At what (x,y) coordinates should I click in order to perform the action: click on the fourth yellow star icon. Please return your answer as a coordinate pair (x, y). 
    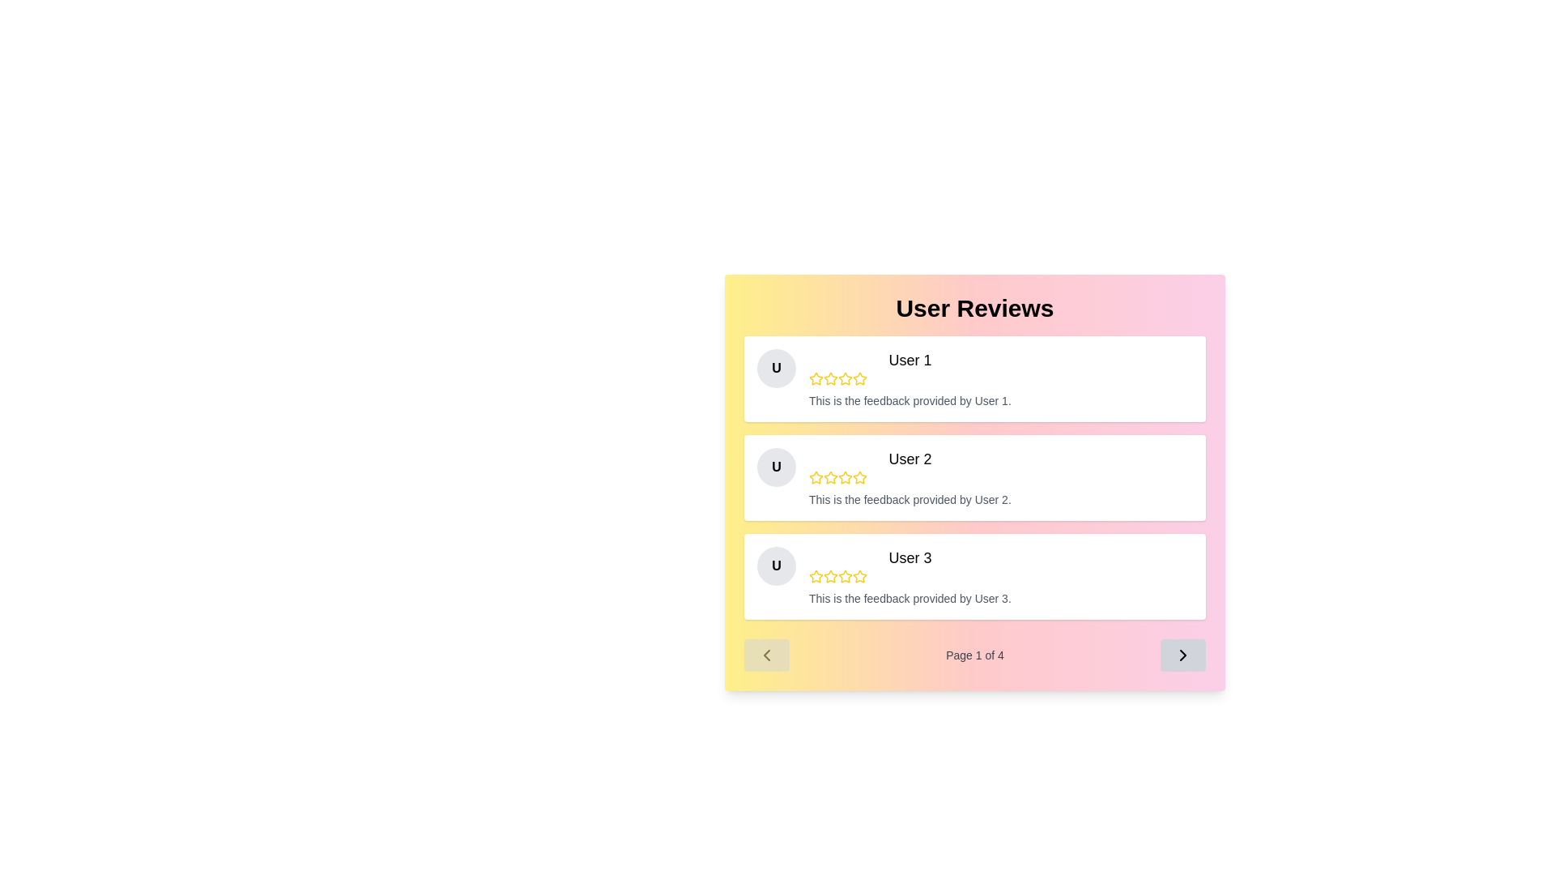
    Looking at the image, I should click on (844, 576).